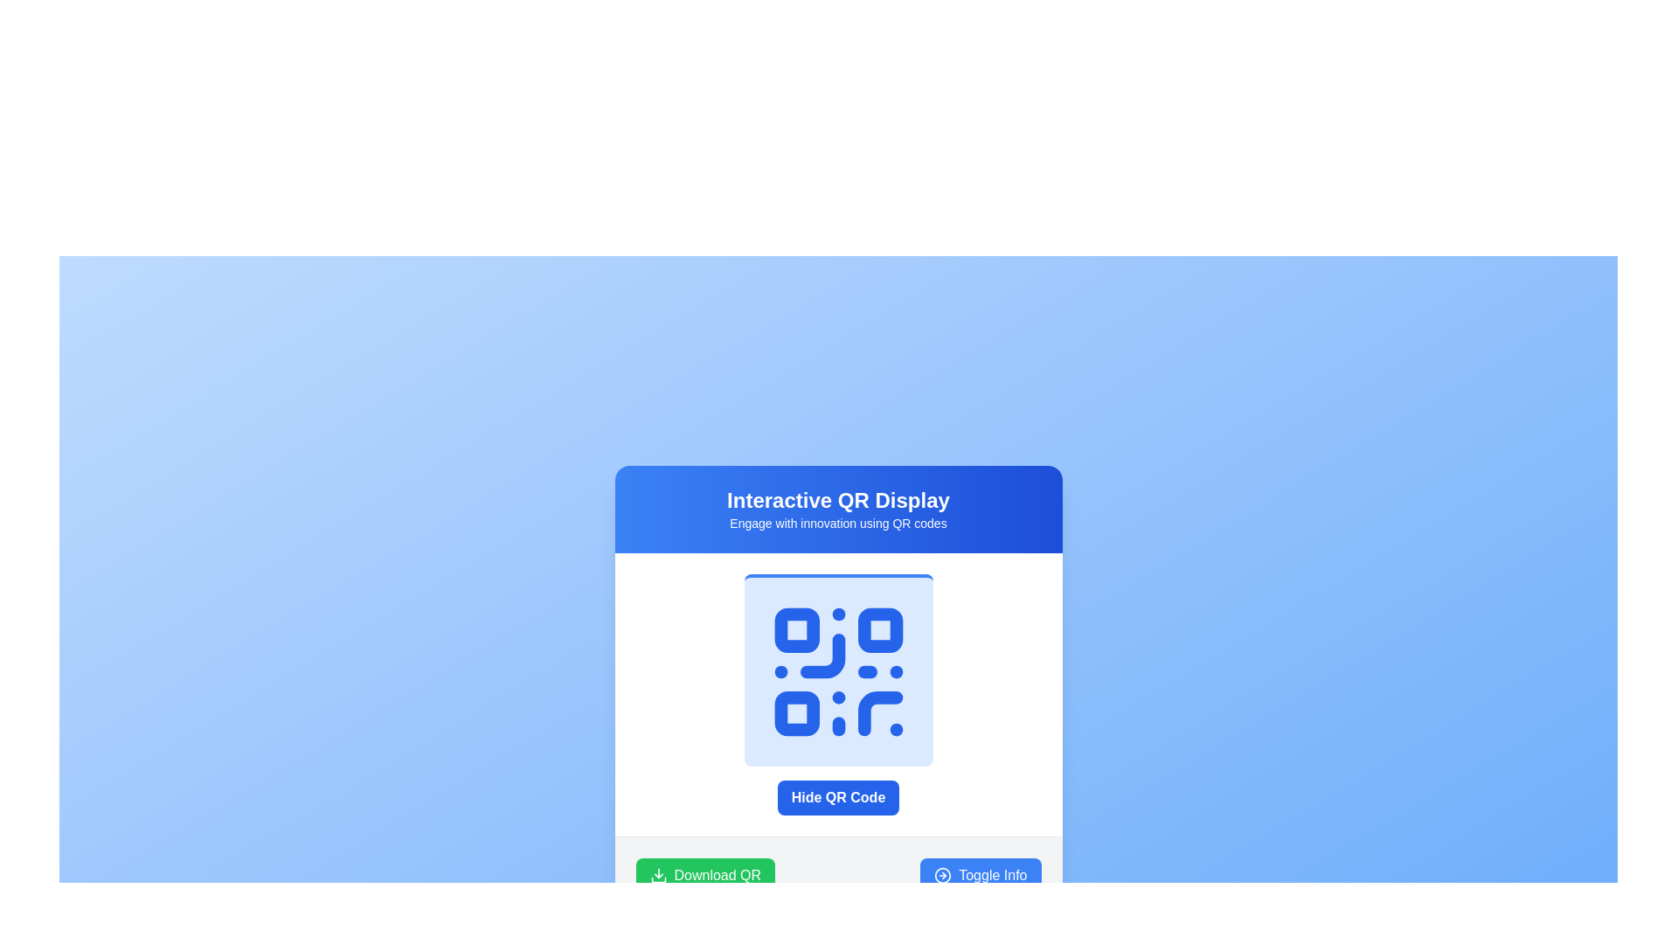 The image size is (1678, 944). What do you see at coordinates (837, 670) in the screenshot?
I see `the QR code graphic icon located centrally within the 'Interactive QR Display' section, beneath the blue header` at bounding box center [837, 670].